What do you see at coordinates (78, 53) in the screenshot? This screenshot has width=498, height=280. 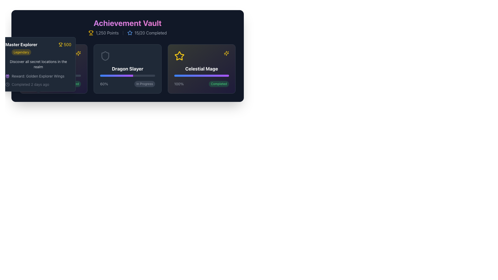 I see `the small yellow star-shaped icon with a glowing effect located beside the 'Celestial Mage' text in the 'Achievement Vault' section` at bounding box center [78, 53].